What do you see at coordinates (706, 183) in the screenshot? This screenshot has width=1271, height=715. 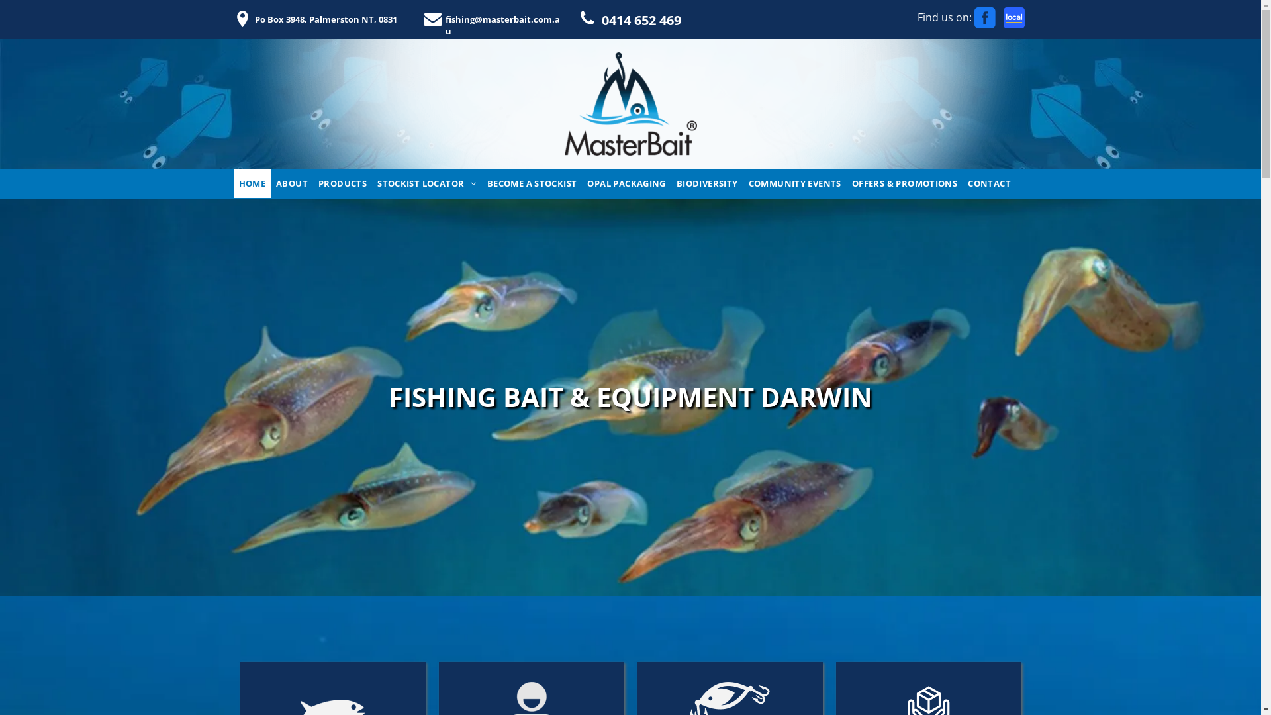 I see `'BIODIVERSITY'` at bounding box center [706, 183].